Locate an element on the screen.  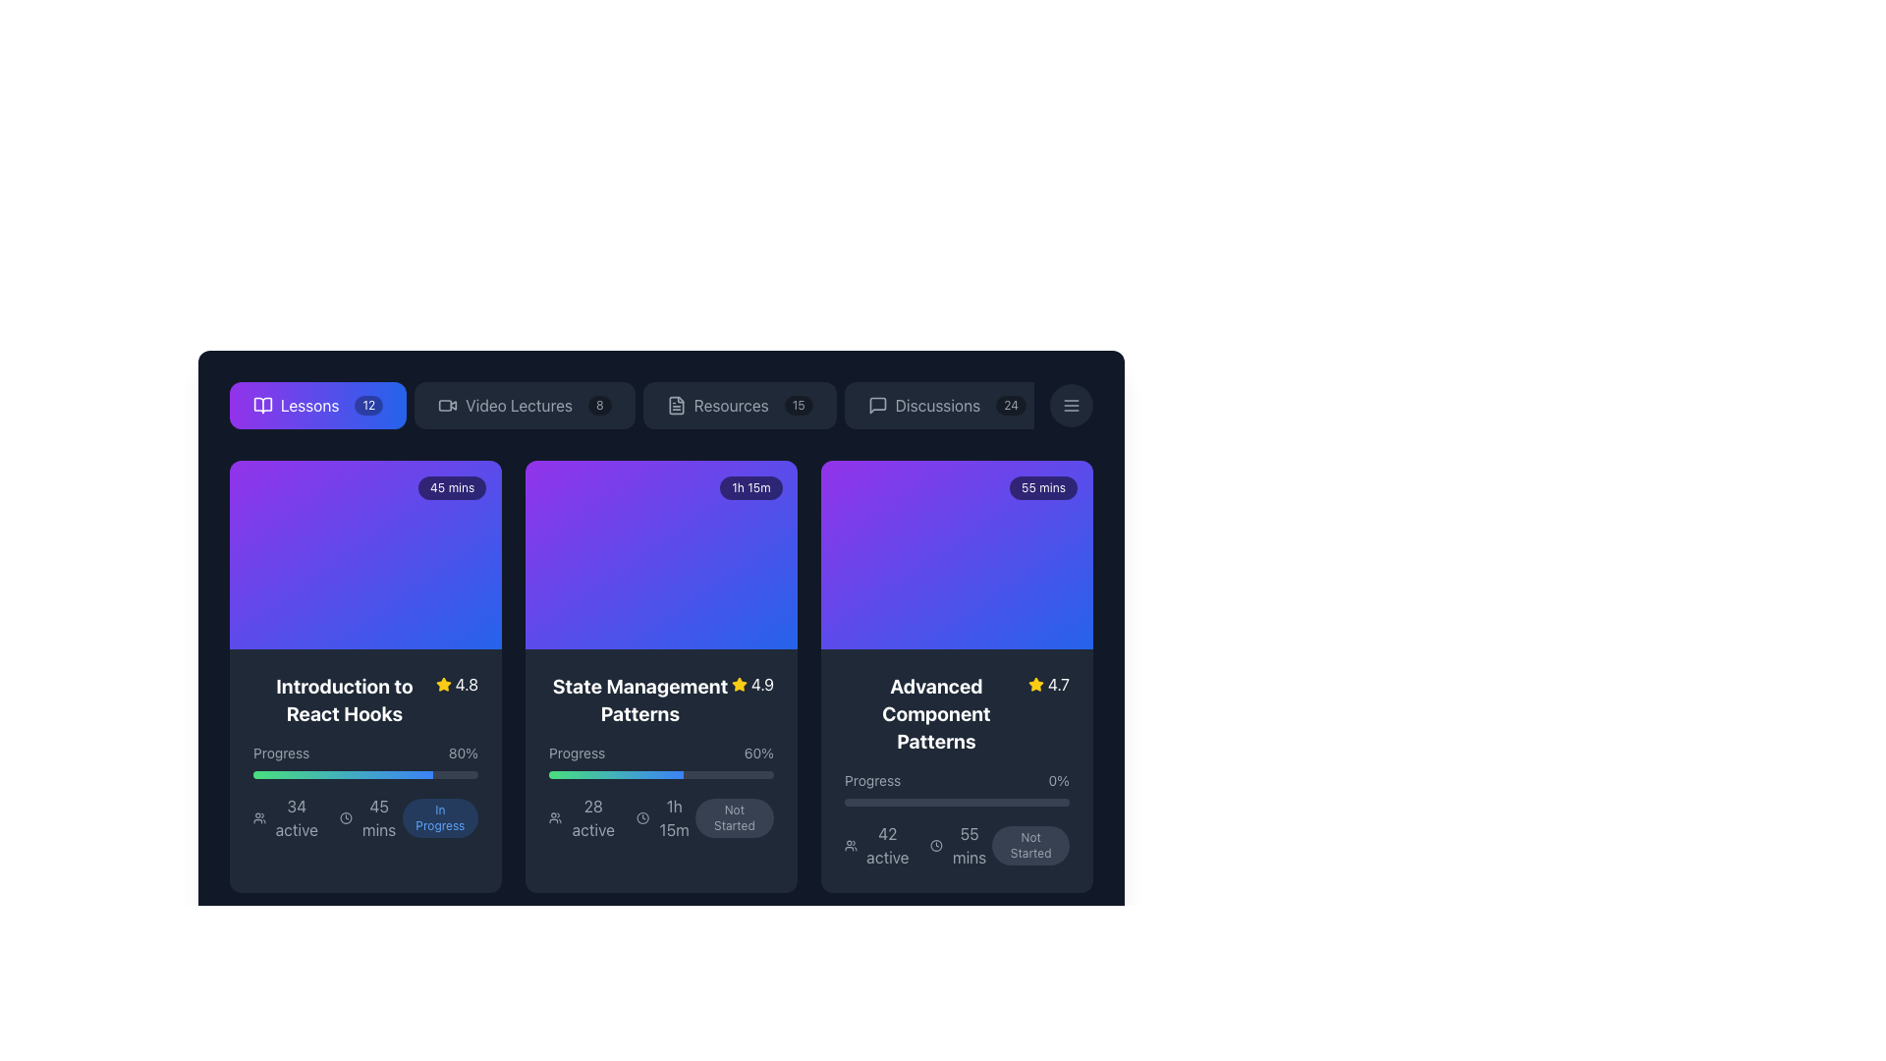
the static text displaying '55 mins', which is located within the bottom section of the third content card in a horizontal list of cards is located at coordinates (961, 844).